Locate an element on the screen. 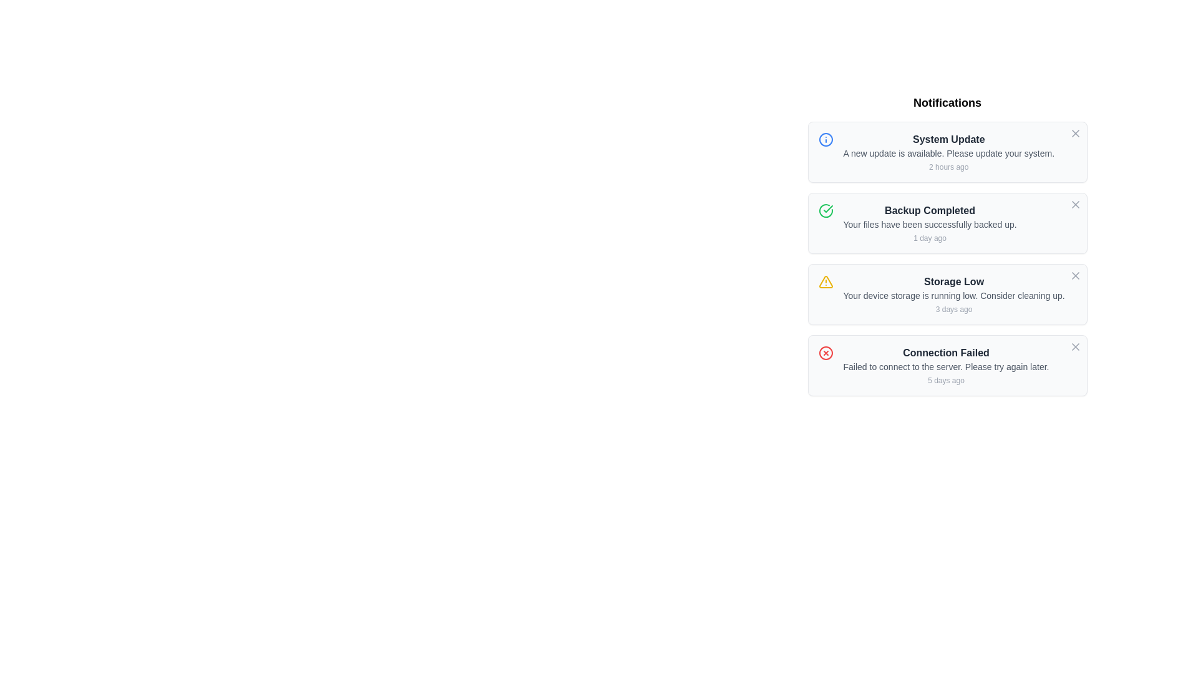 The image size is (1198, 674). the third notification in the list, which alerts the user about low storage and advises cleanup is located at coordinates (947, 258).